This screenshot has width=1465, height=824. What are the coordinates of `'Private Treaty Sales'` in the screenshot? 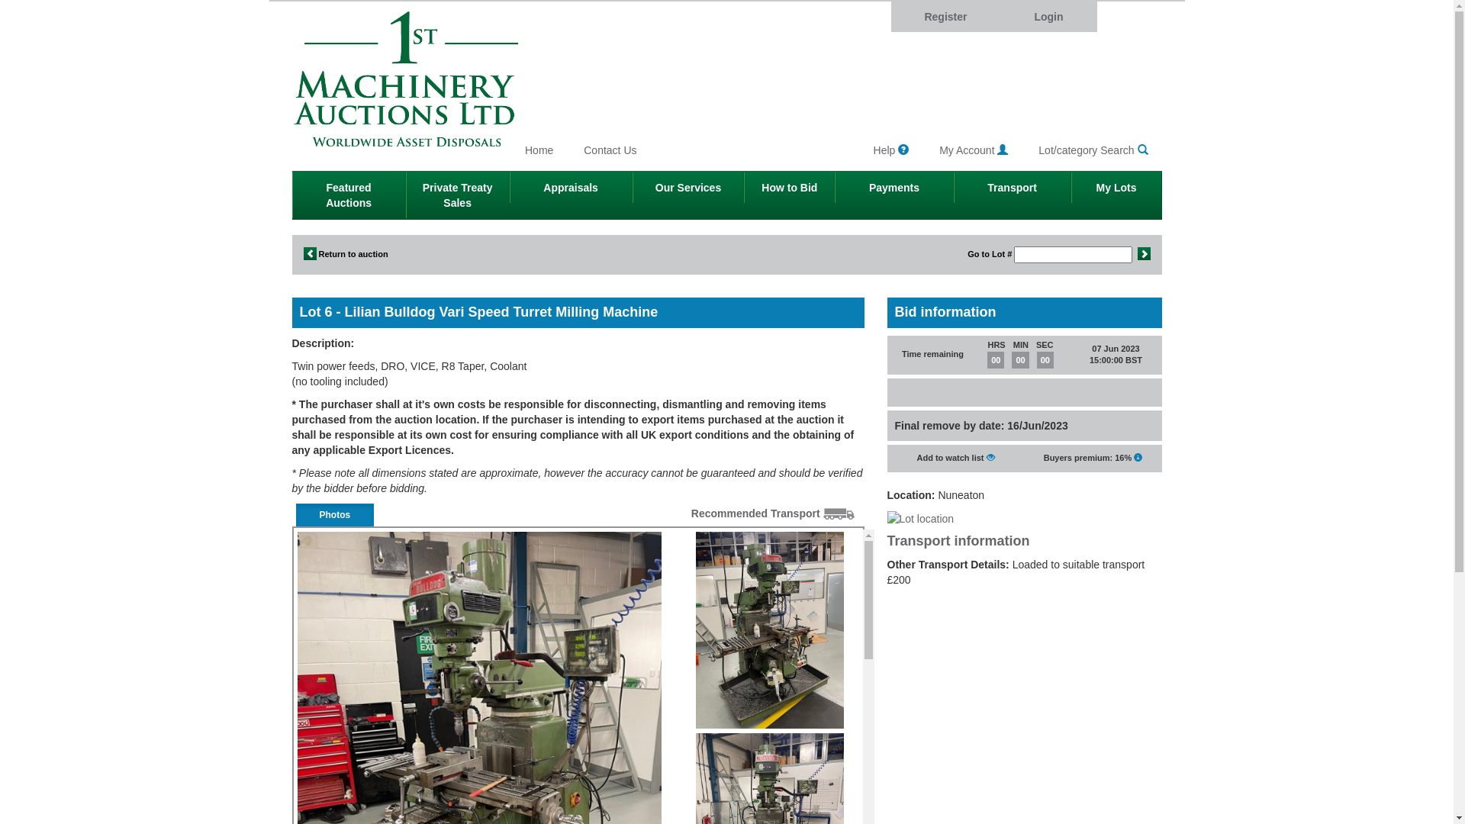 It's located at (457, 194).